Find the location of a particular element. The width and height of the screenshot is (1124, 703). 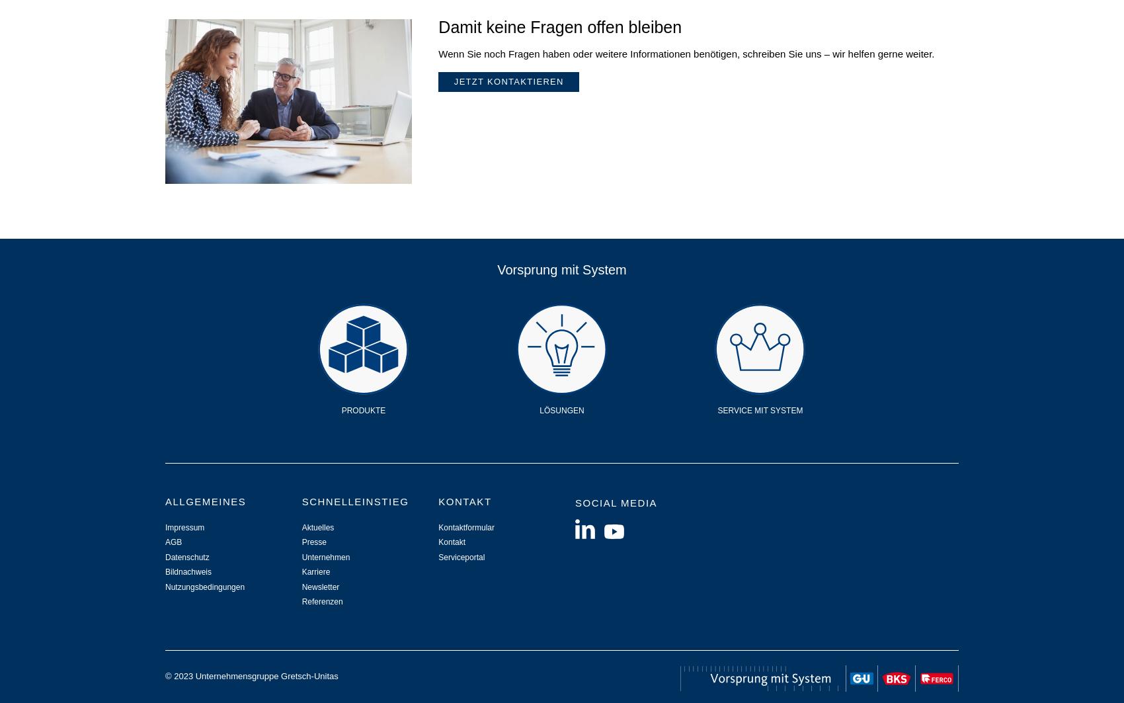

'Allgemeines' is located at coordinates (205, 500).